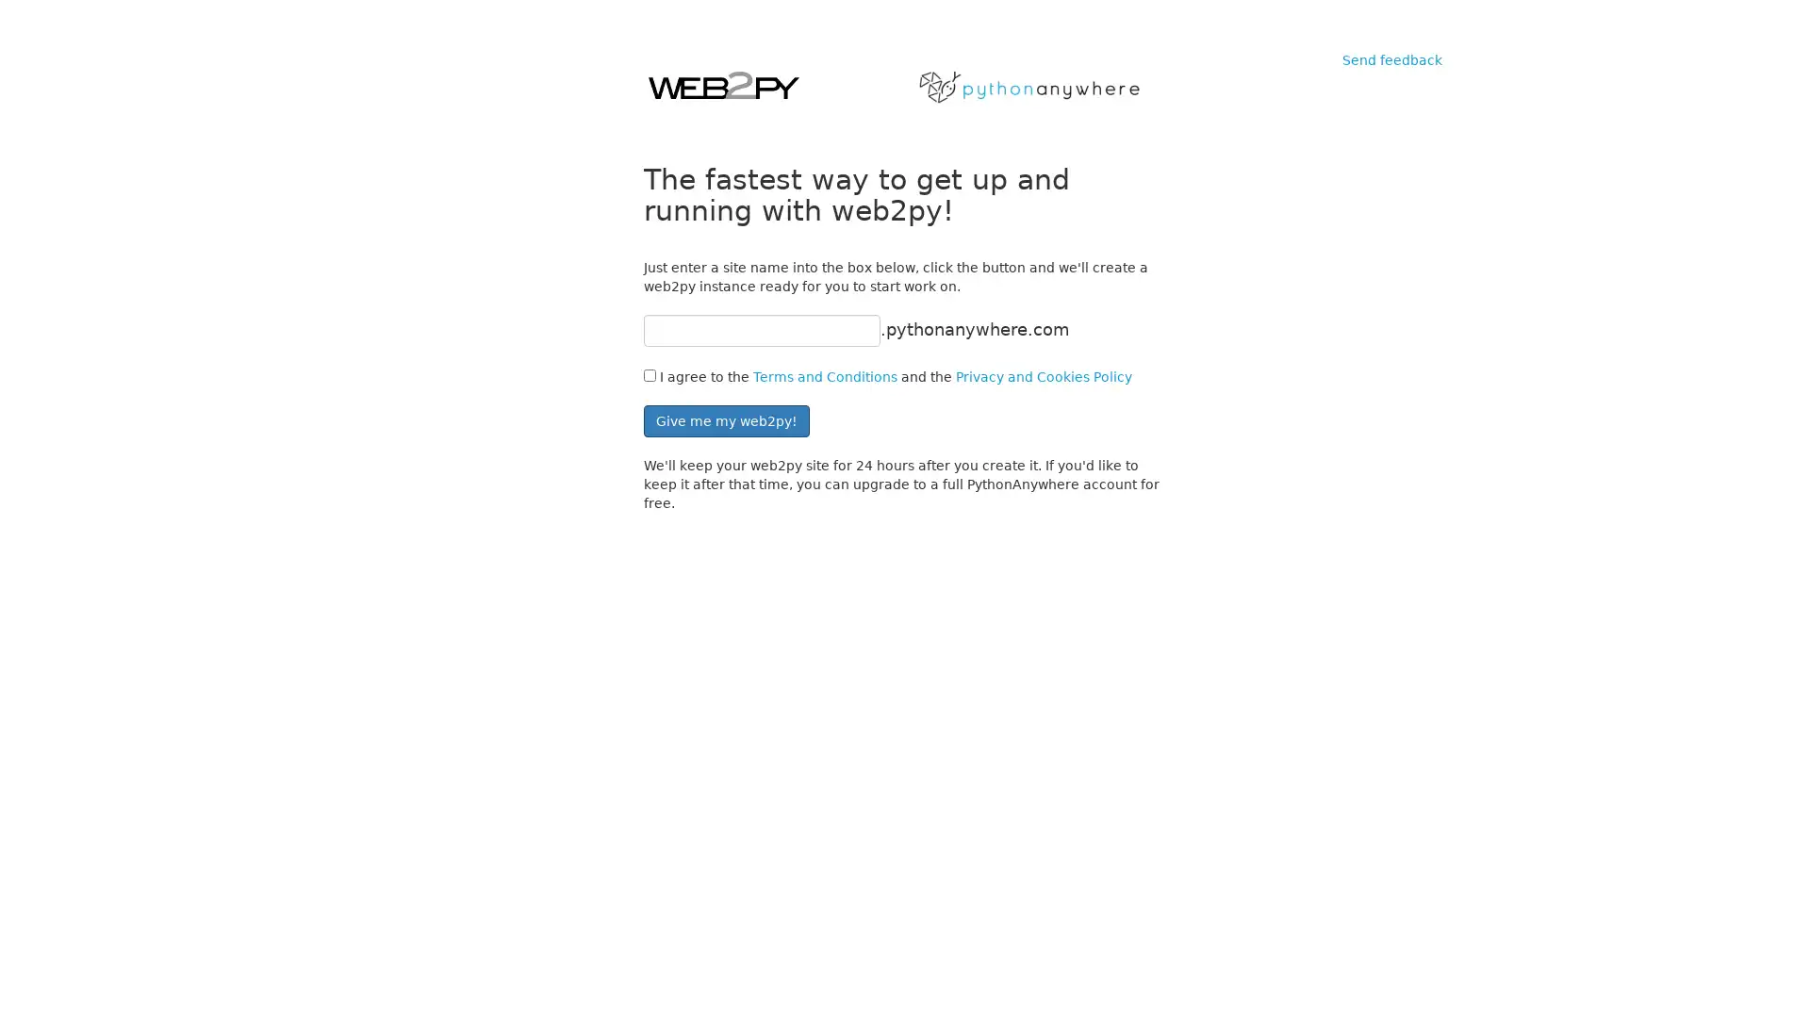  Describe the element at coordinates (724, 420) in the screenshot. I see `Give me my web2py!` at that location.